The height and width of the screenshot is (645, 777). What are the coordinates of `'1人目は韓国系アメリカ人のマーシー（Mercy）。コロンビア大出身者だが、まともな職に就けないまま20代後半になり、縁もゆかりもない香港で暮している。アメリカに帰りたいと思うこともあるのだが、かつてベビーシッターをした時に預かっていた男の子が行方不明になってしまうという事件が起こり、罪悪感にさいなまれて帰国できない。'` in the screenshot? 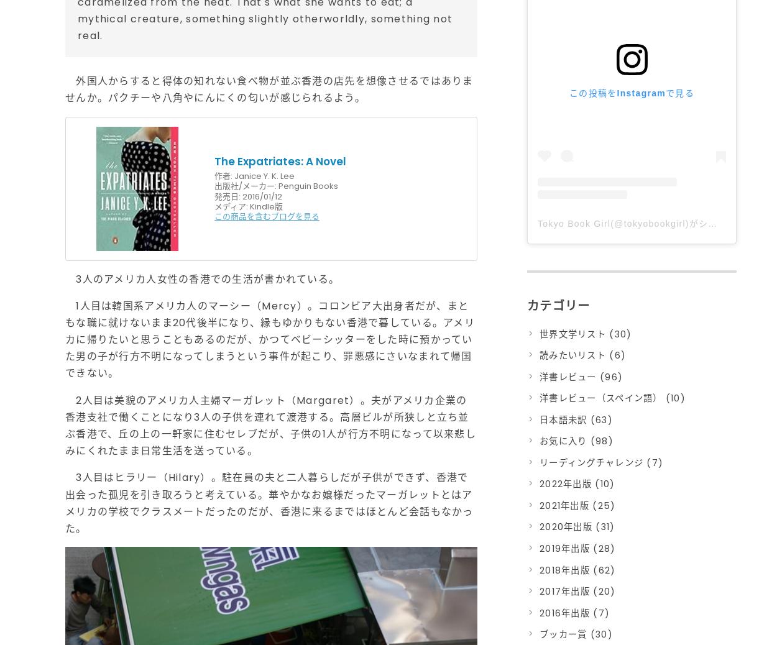 It's located at (270, 338).